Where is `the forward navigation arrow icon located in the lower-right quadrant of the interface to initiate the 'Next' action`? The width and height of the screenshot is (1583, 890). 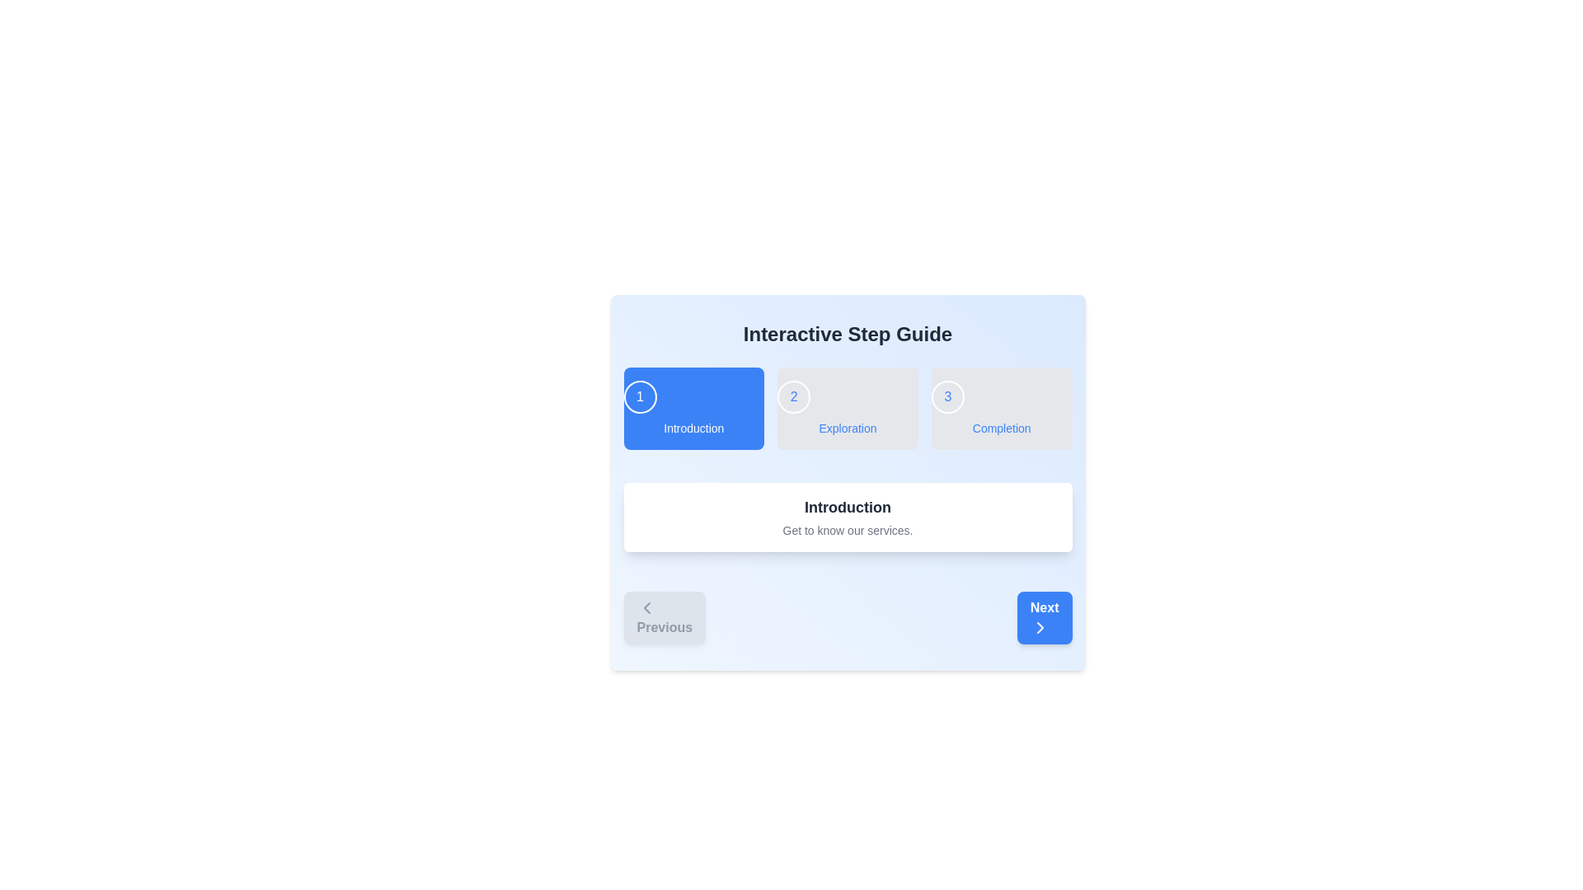 the forward navigation arrow icon located in the lower-right quadrant of the interface to initiate the 'Next' action is located at coordinates (1039, 628).